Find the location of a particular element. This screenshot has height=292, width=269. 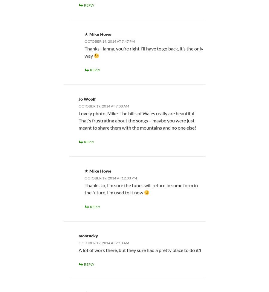

'October 19, 2014 at 12:03 pm' is located at coordinates (111, 178).